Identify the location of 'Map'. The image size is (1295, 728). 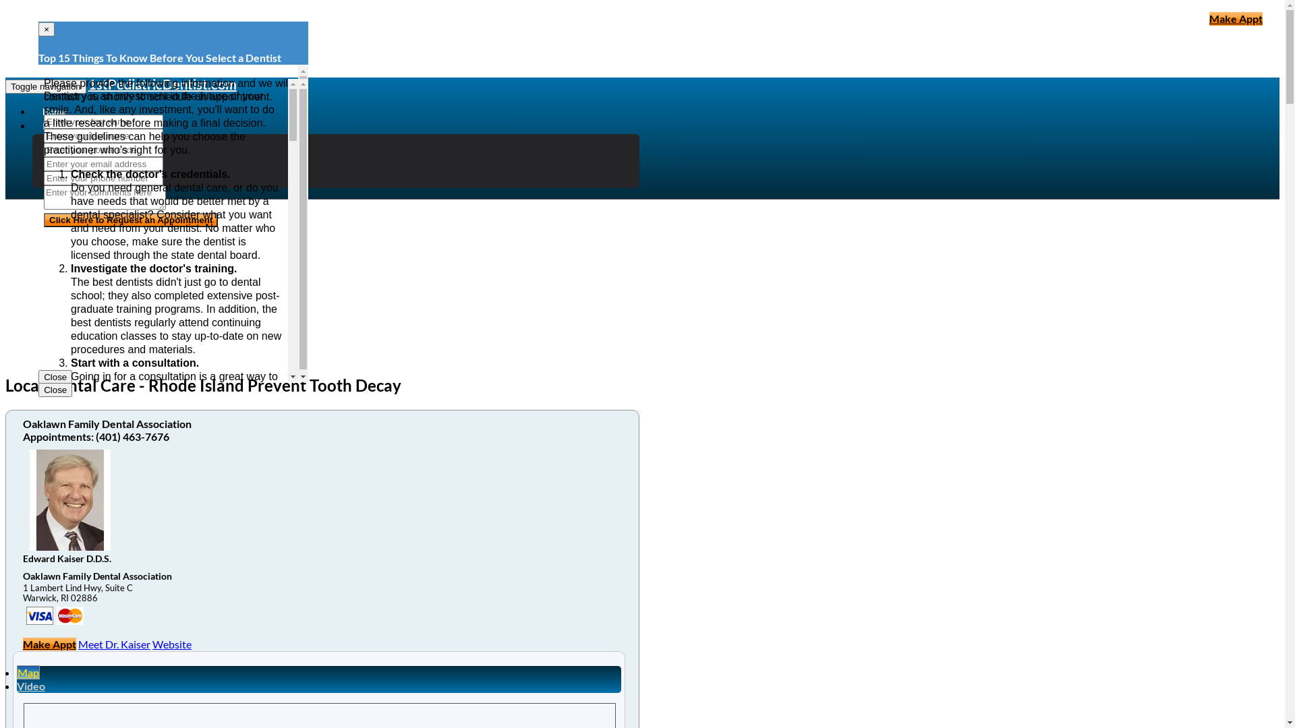
(28, 672).